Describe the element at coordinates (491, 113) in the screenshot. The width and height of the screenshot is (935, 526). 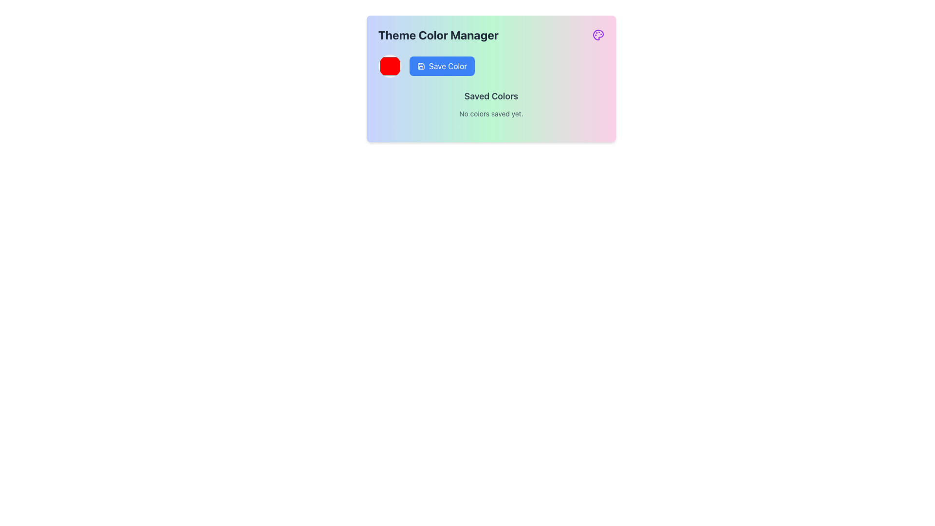
I see `the informational text label that indicates no color selections have been saved yet, located below the 'Saved Colors' heading` at that location.